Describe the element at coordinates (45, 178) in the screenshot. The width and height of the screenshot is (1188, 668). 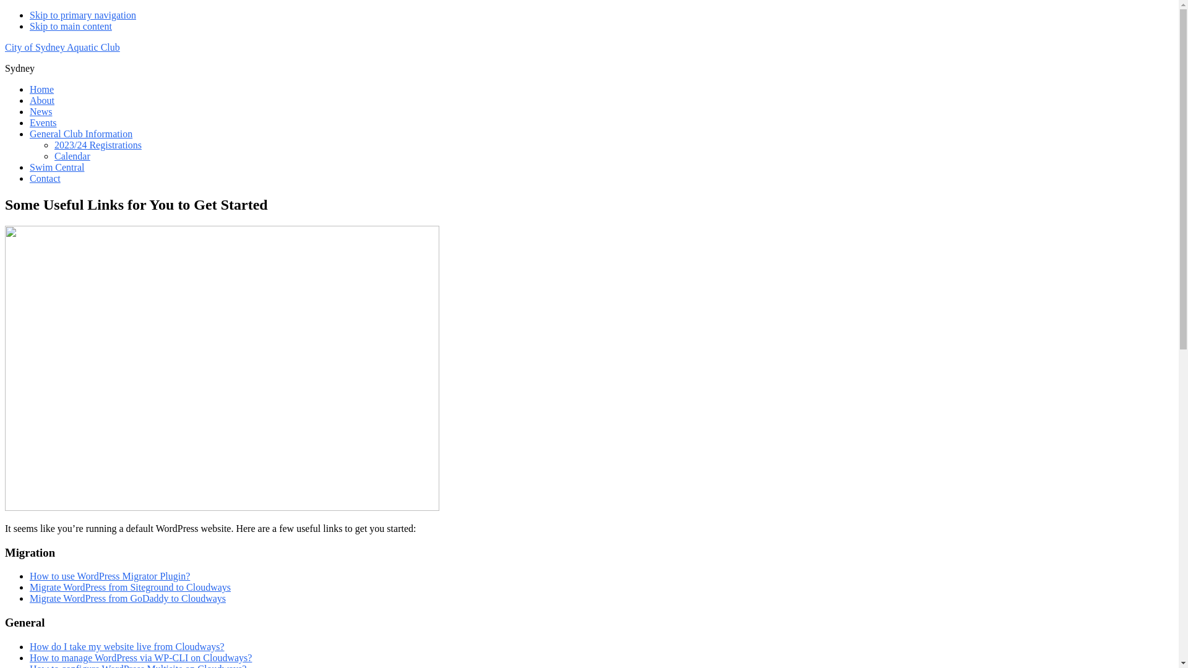
I see `'Contact'` at that location.